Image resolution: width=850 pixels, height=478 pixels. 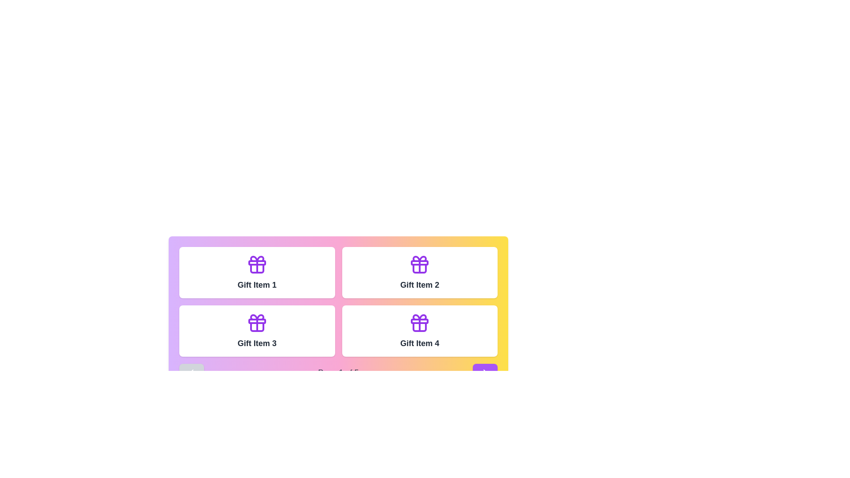 I want to click on the purple rounded button with a white chevron located at the bottom right corner of the navigation bar, next, so click(x=484, y=372).